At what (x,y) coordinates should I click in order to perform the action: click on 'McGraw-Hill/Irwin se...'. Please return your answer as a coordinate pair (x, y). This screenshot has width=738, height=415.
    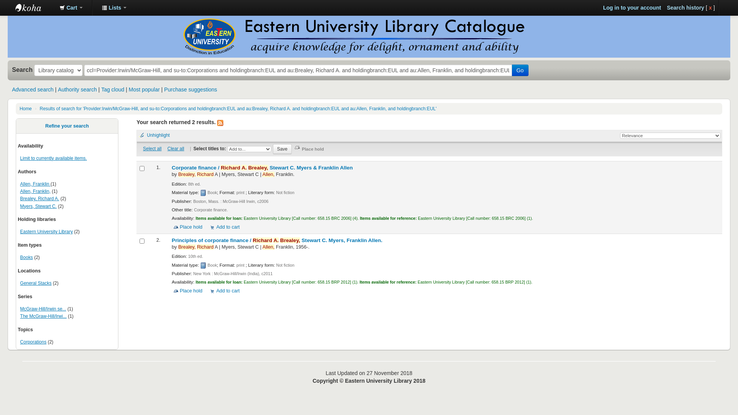
    Looking at the image, I should click on (42, 308).